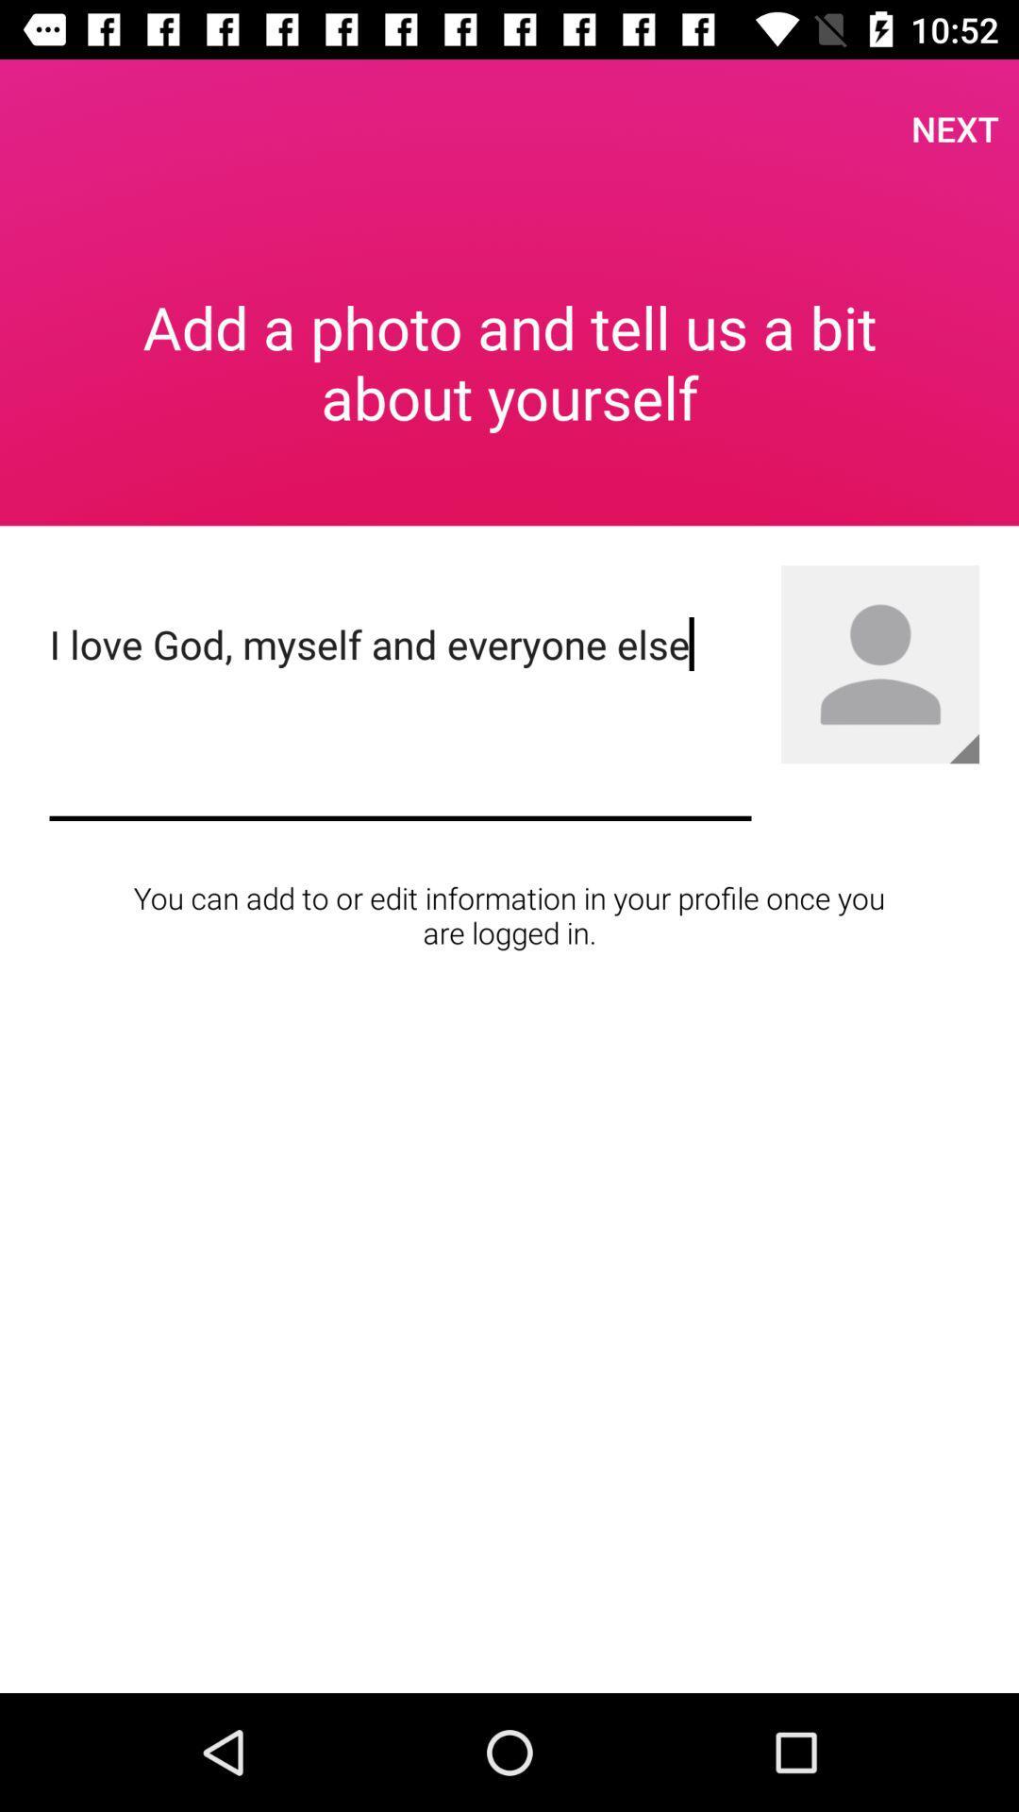 The height and width of the screenshot is (1812, 1019). Describe the element at coordinates (964, 747) in the screenshot. I see `the edit icon` at that location.